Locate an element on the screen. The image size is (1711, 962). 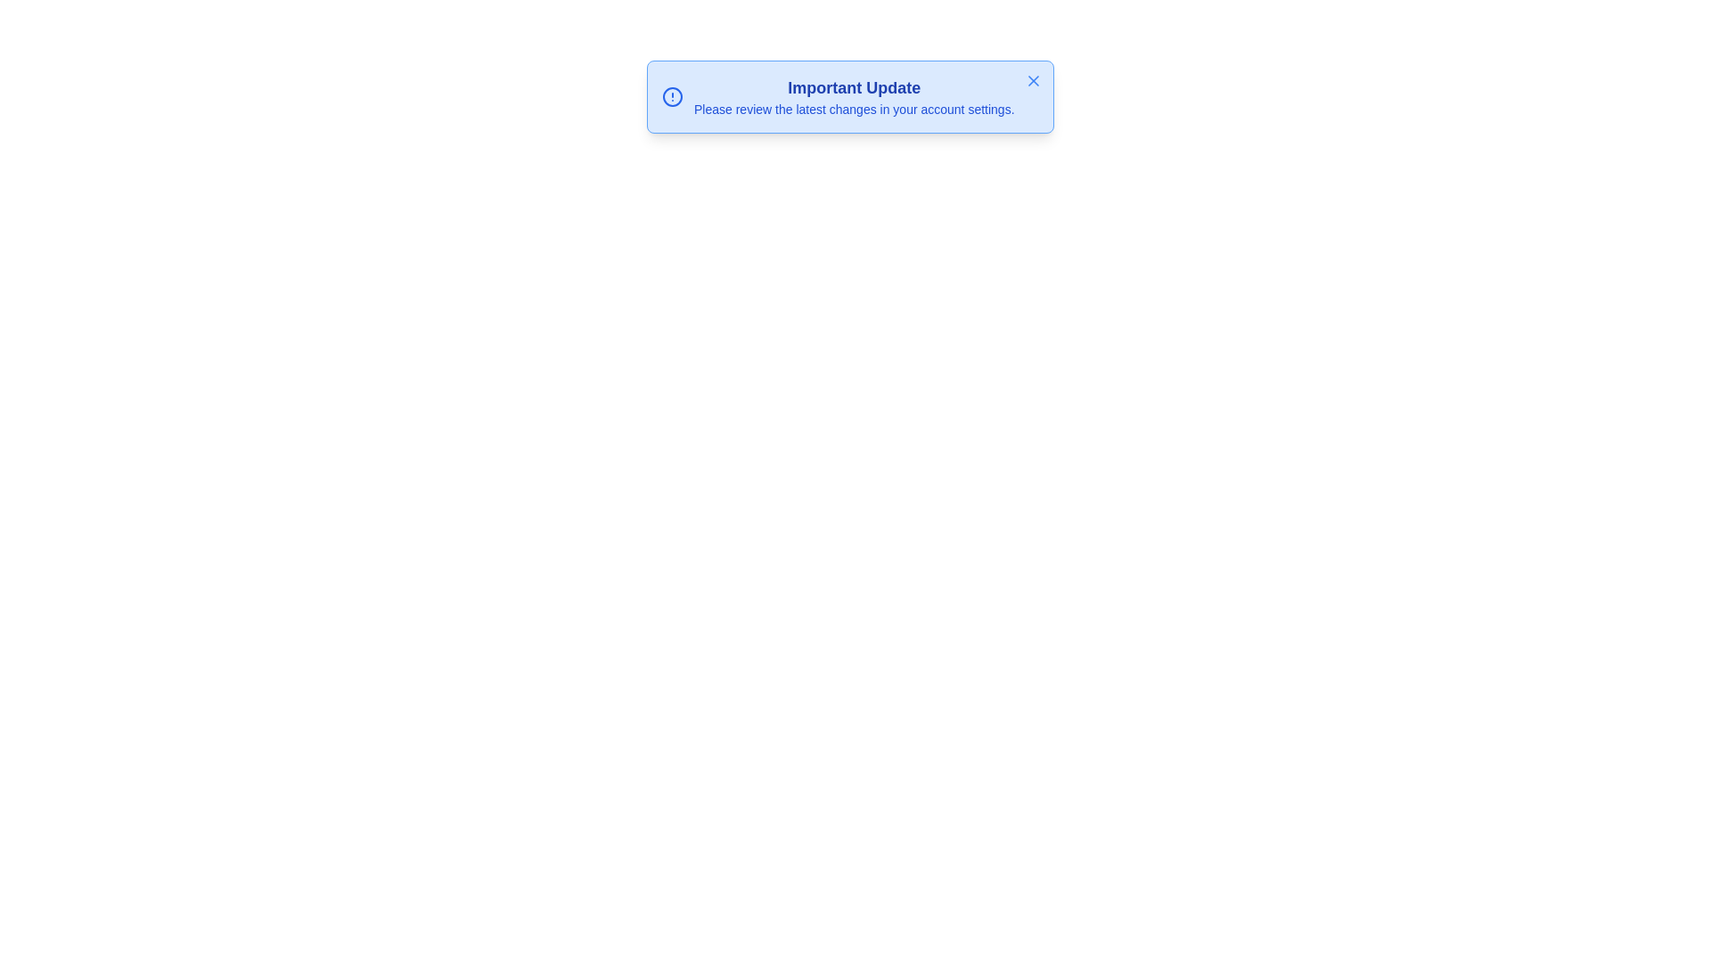
the close button located in the top-right corner of the notification box is located at coordinates (1034, 81).